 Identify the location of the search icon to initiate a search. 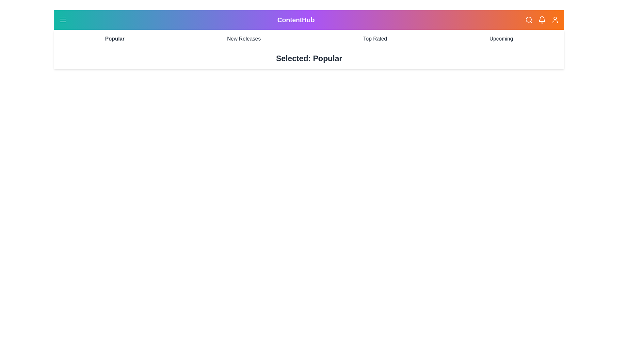
(529, 20).